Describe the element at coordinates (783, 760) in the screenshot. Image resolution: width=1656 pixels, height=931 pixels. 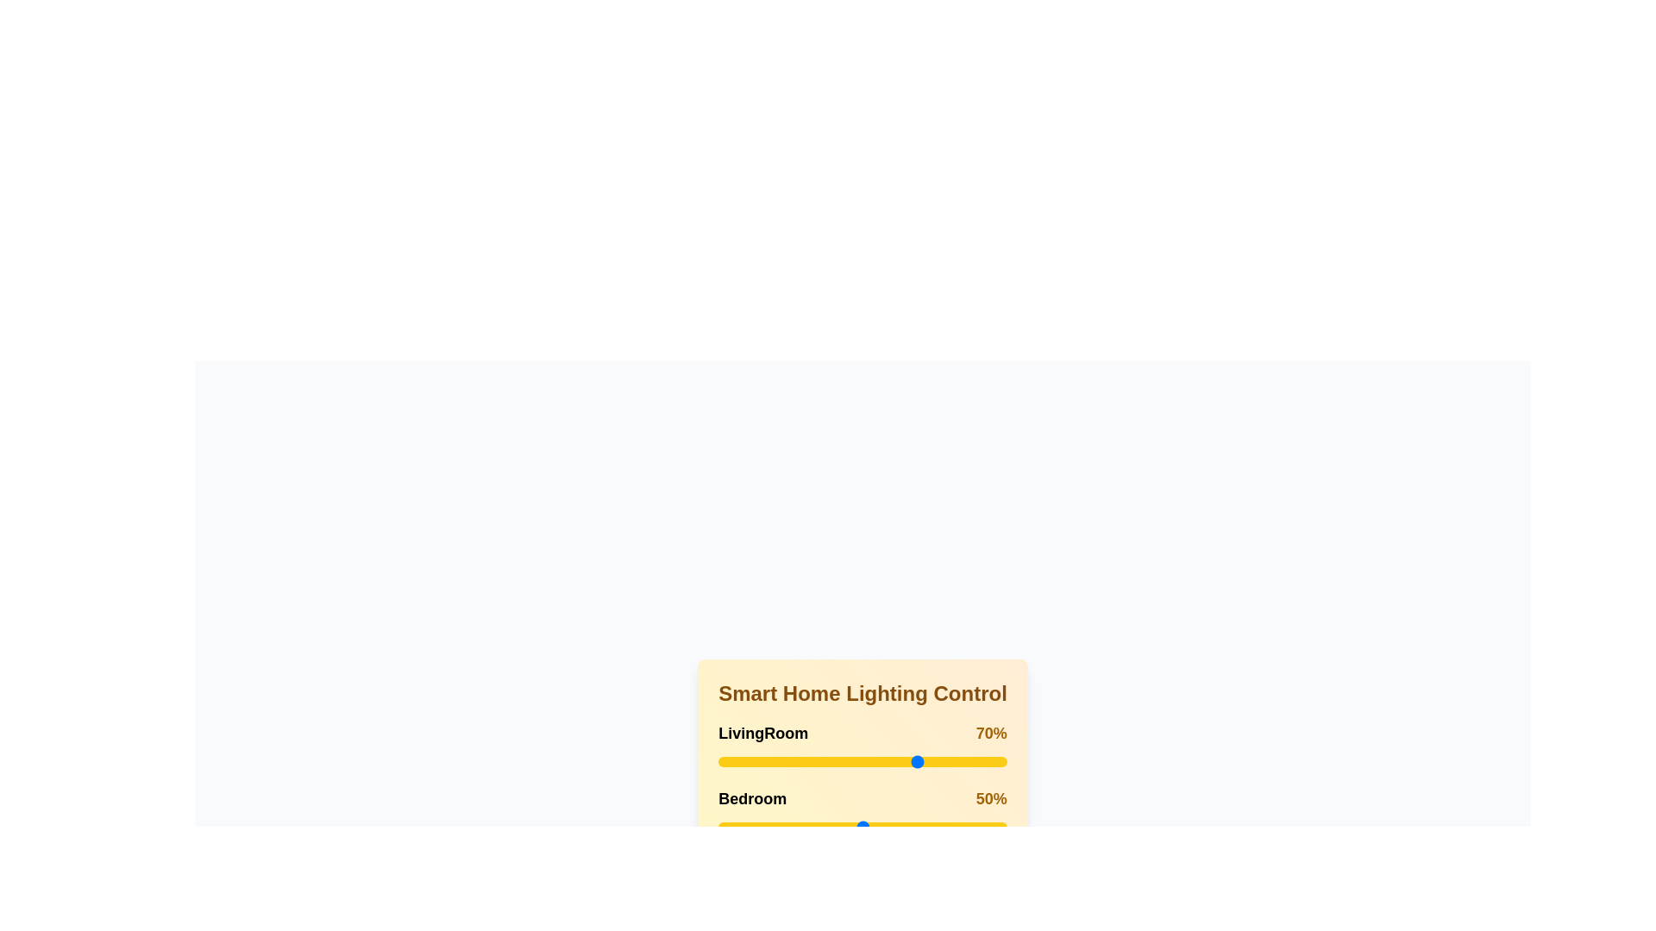
I see `the Living Room lighting level` at that location.